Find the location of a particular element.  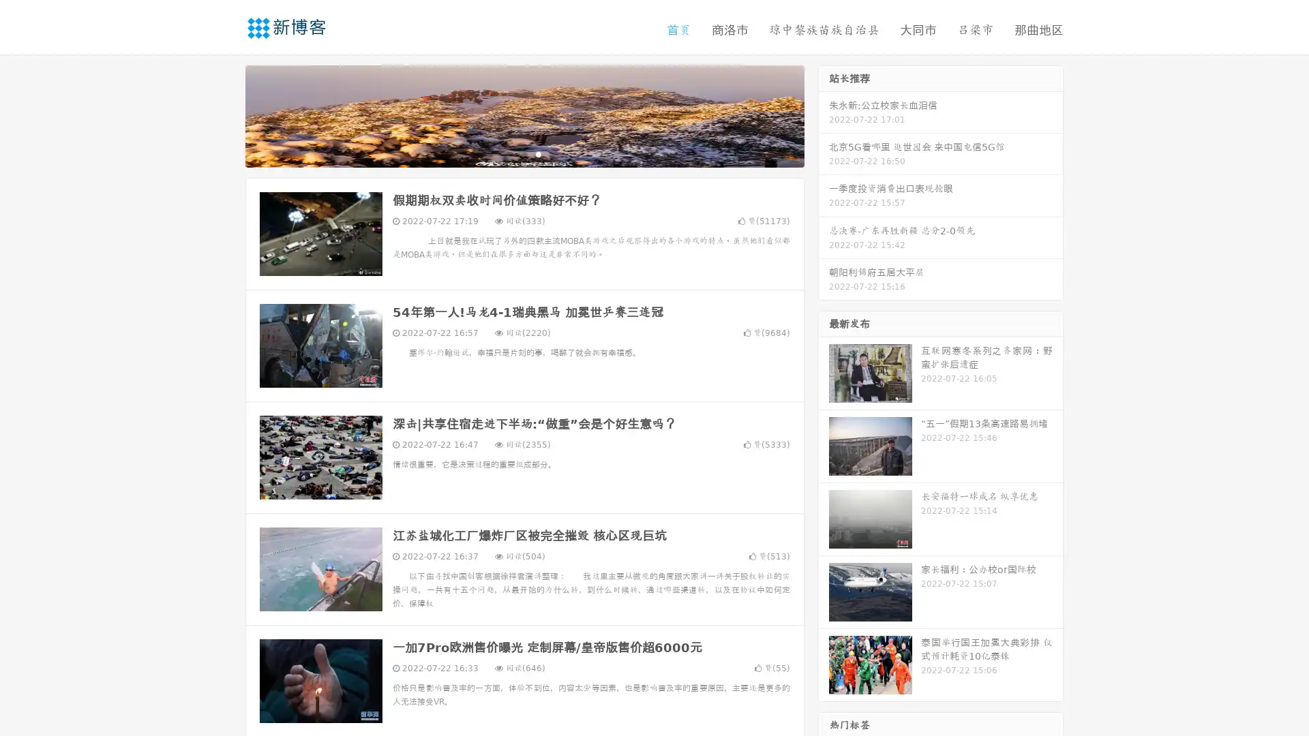

Next slide is located at coordinates (824, 114).